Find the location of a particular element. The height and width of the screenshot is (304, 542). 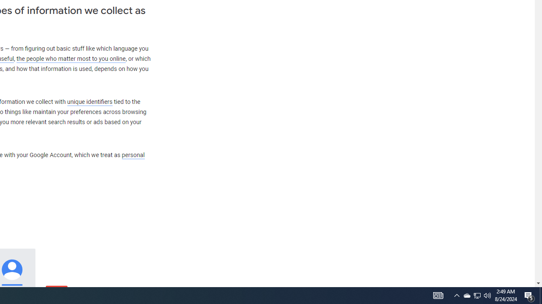

'Q2790: 100%' is located at coordinates (487, 295).